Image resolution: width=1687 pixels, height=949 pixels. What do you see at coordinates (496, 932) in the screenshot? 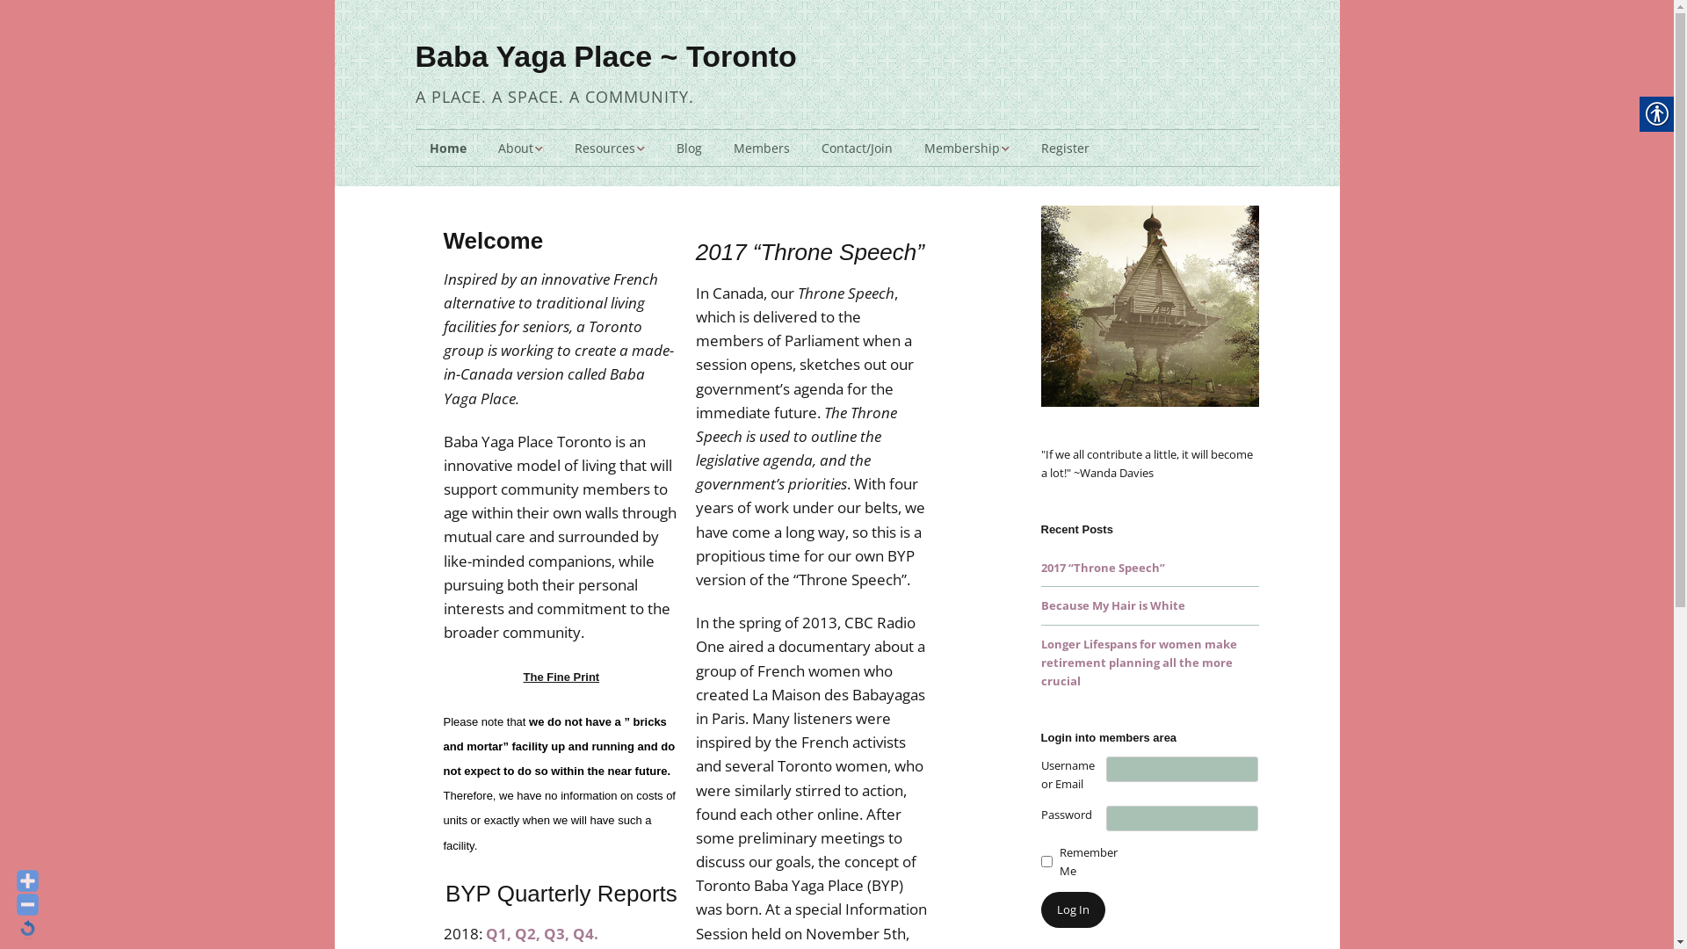
I see `'Q1,'` at bounding box center [496, 932].